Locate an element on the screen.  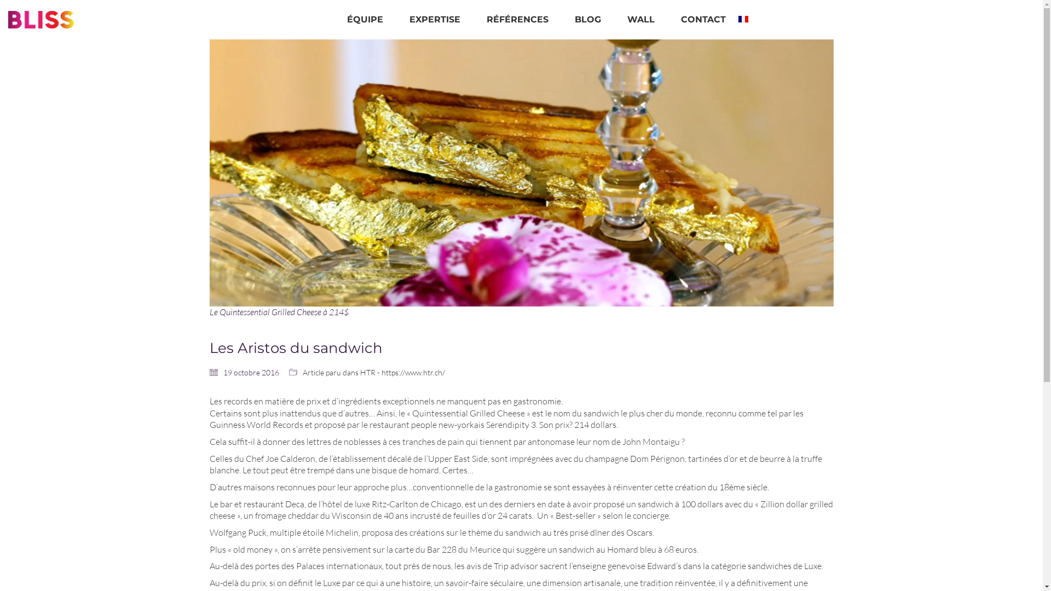
'EXPERTISE' is located at coordinates (409, 19).